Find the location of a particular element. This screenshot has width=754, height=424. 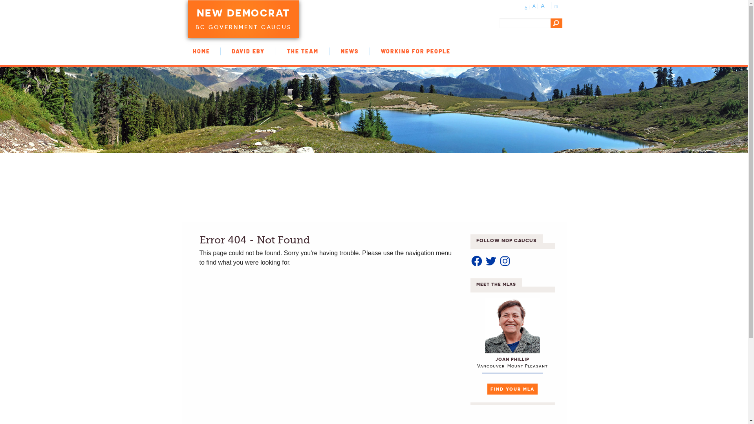

'Instagram' is located at coordinates (505, 261).